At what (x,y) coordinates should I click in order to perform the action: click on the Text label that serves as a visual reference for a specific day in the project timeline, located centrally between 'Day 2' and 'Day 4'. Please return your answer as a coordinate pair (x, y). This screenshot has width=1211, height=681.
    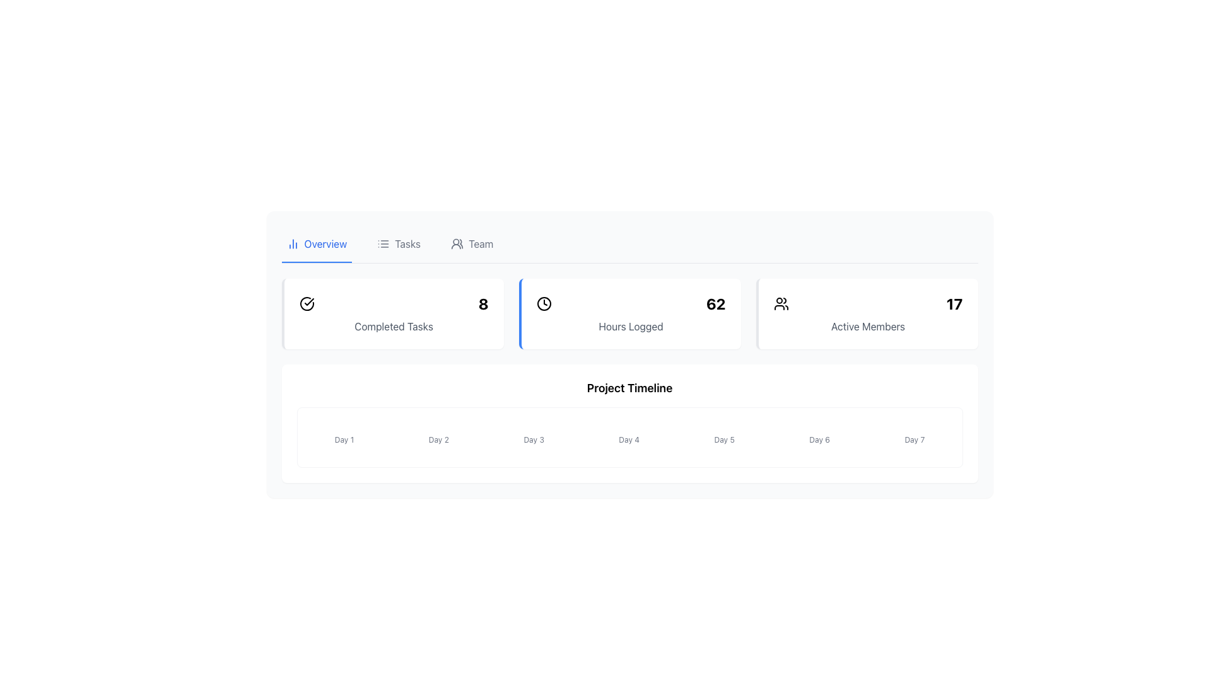
    Looking at the image, I should click on (534, 439).